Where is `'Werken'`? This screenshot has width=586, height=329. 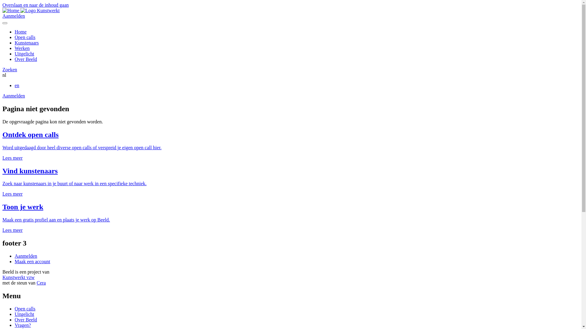 'Werken' is located at coordinates (22, 48).